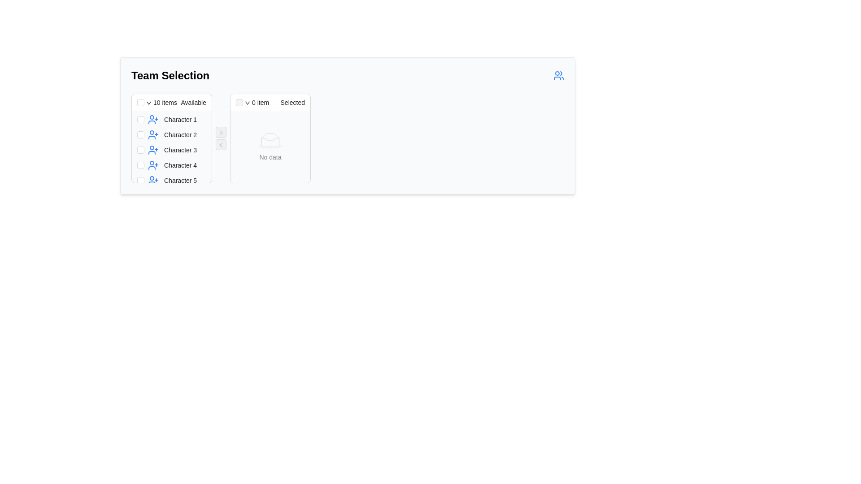 Image resolution: width=861 pixels, height=484 pixels. I want to click on the list item labeled 'Character 4' which contains a checkbox and a blue user icon, so click(172, 165).